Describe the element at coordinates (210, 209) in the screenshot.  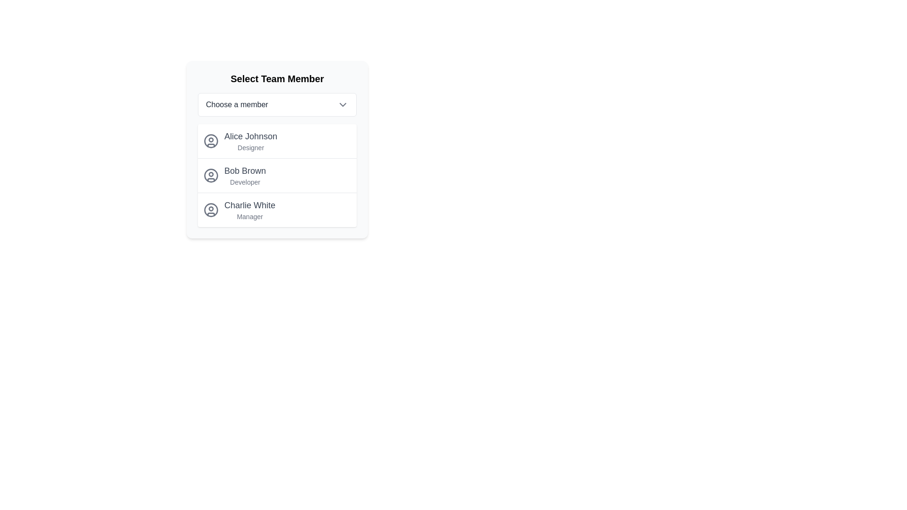
I see `the user profile icon for 'Charlie White'` at that location.